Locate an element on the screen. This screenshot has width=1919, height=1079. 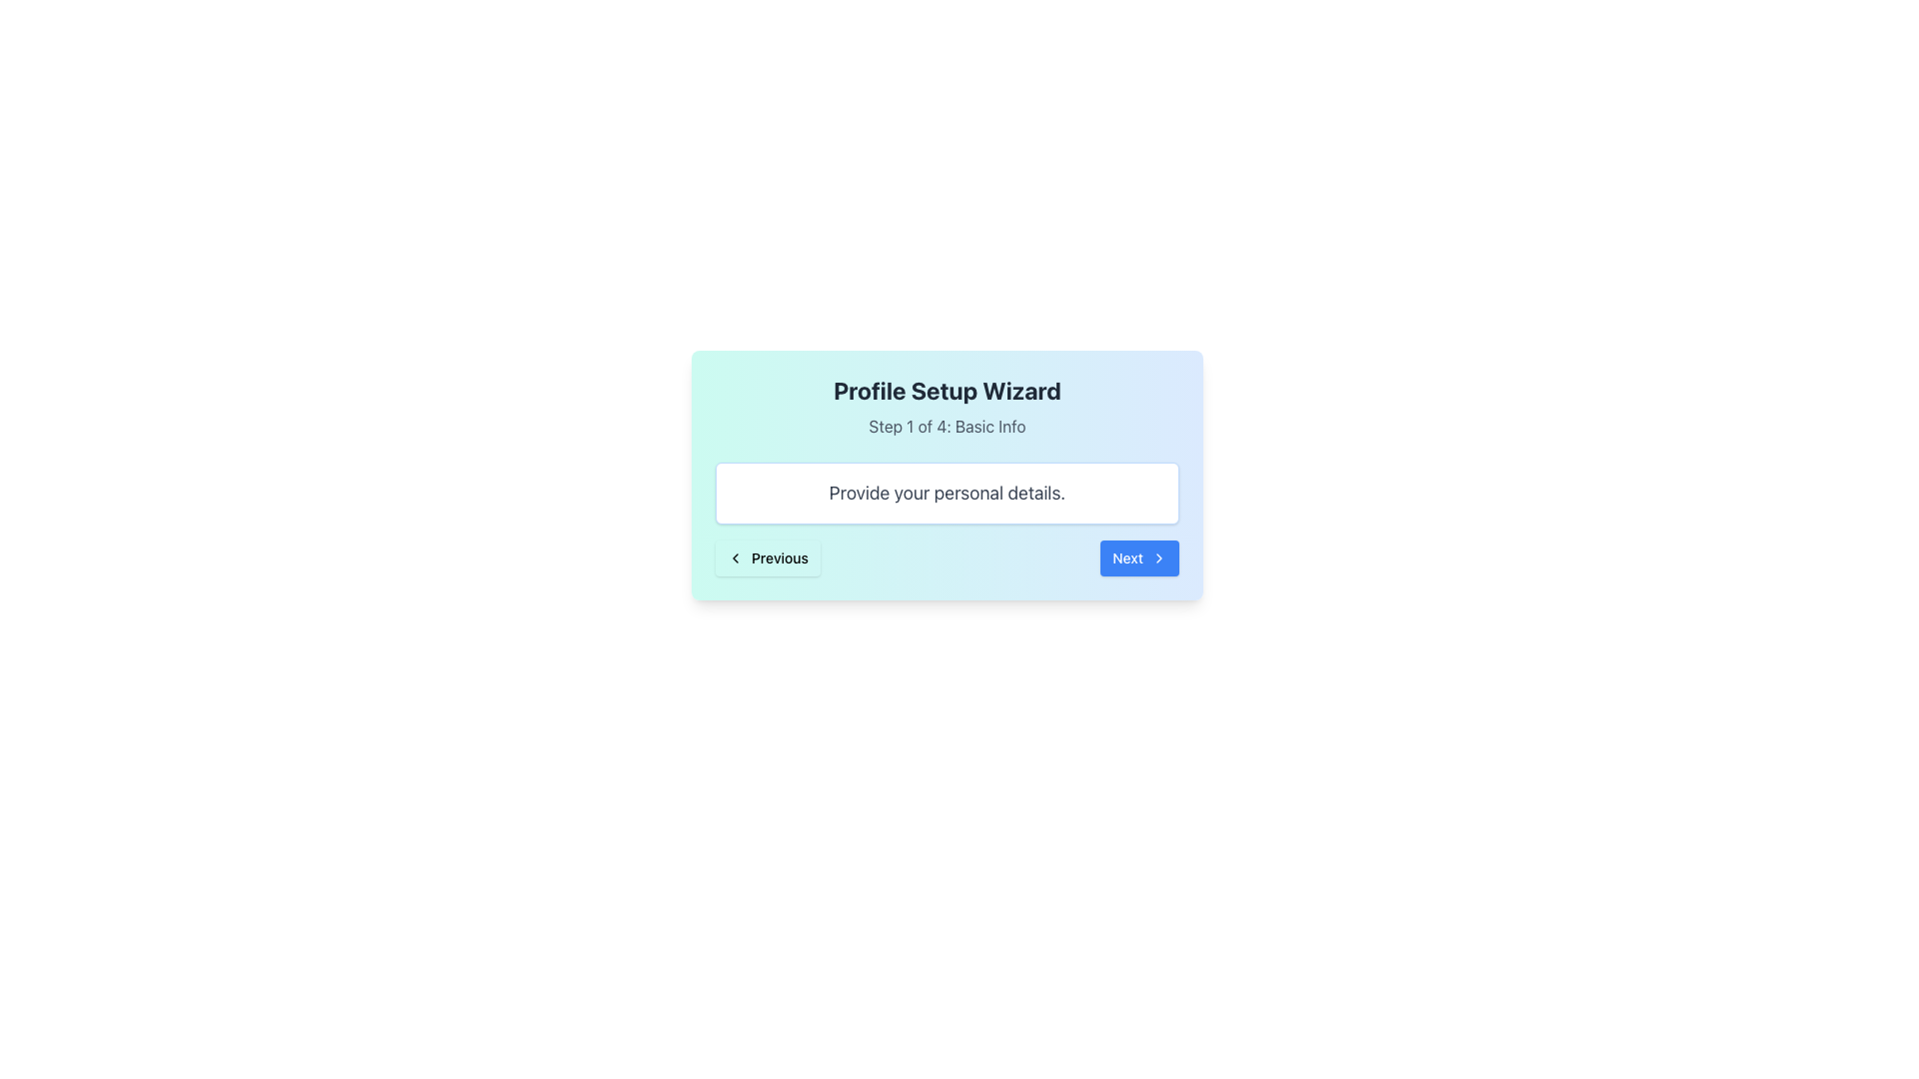
the informational Text Label that prompts the user during the profile setup process, positioned below 'Profile Setup Wizard' and 'Step 1 of 4: Basic Info.' is located at coordinates (947, 493).